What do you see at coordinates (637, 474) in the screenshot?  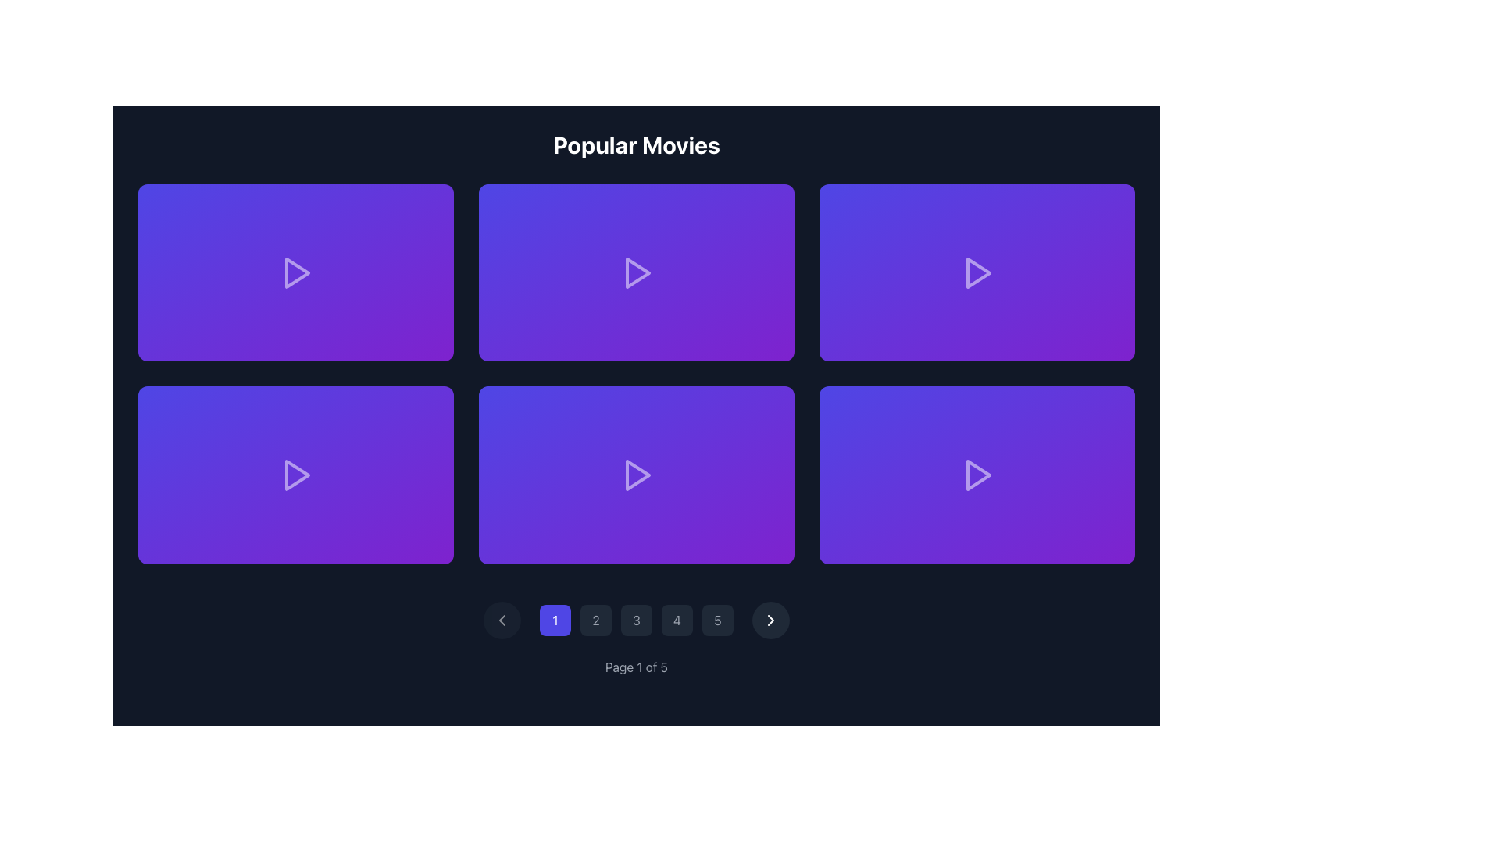 I see `the triangular play button icon with a white outline located in the bottom center card of the grid` at bounding box center [637, 474].